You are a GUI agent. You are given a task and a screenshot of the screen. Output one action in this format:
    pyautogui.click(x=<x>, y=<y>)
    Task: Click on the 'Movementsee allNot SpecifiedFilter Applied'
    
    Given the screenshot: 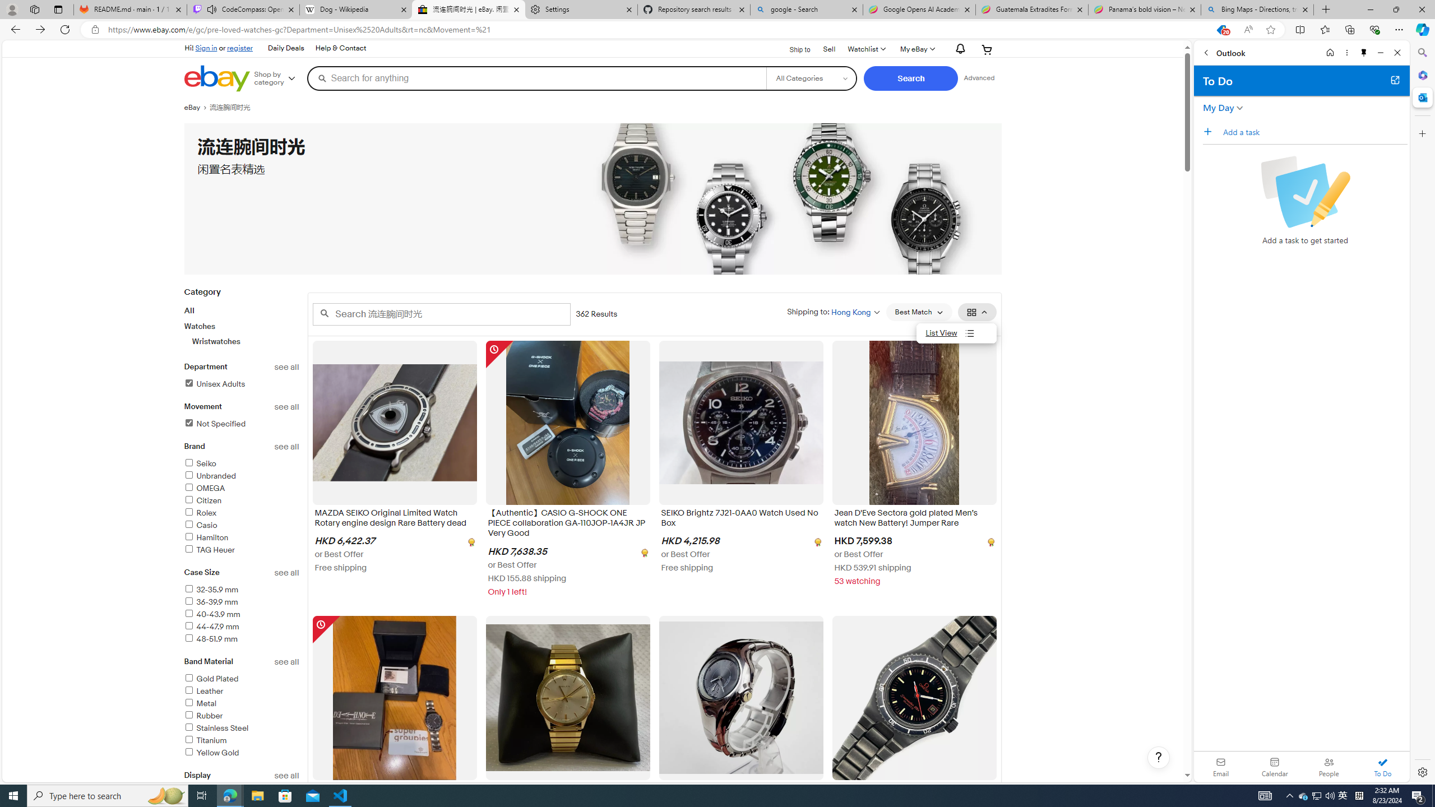 What is the action you would take?
    pyautogui.click(x=242, y=421)
    